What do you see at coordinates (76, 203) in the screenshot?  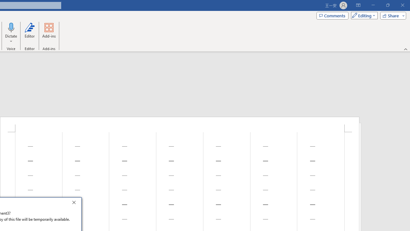 I see `'Close'` at bounding box center [76, 203].